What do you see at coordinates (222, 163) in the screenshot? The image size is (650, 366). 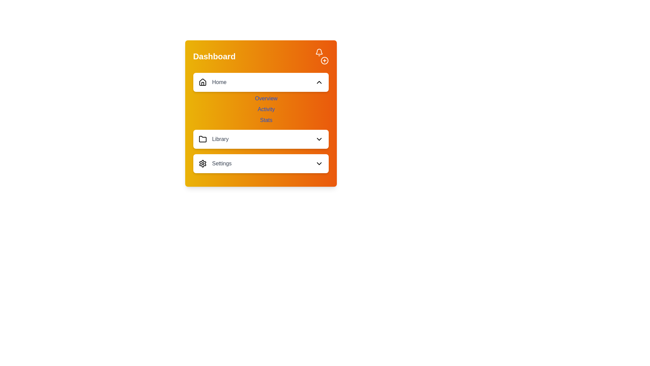 I see `the 'Settings' text label which is styled with medium font weight and gray color, located in the bottom section of a vertically stacked group of options, to the right of the gear-shaped icon` at bounding box center [222, 163].